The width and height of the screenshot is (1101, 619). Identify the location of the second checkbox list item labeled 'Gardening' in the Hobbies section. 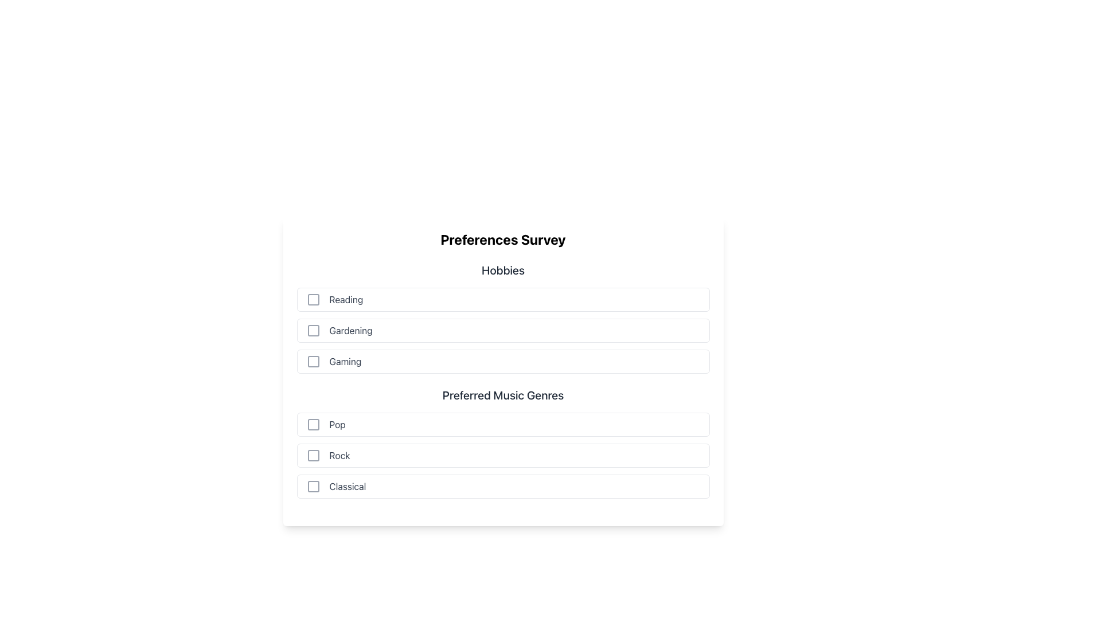
(503, 331).